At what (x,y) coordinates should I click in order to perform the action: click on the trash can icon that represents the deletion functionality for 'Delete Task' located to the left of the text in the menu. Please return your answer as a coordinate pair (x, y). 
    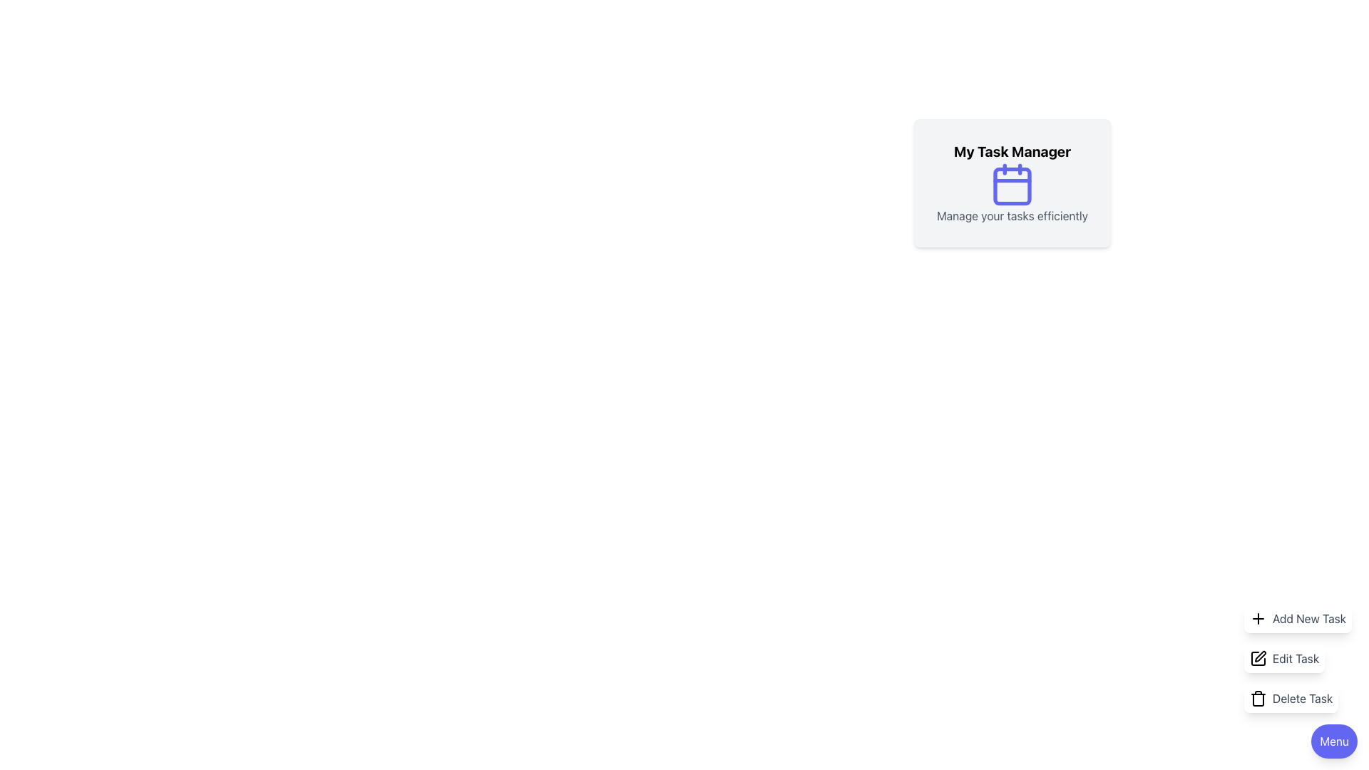
    Looking at the image, I should click on (1258, 699).